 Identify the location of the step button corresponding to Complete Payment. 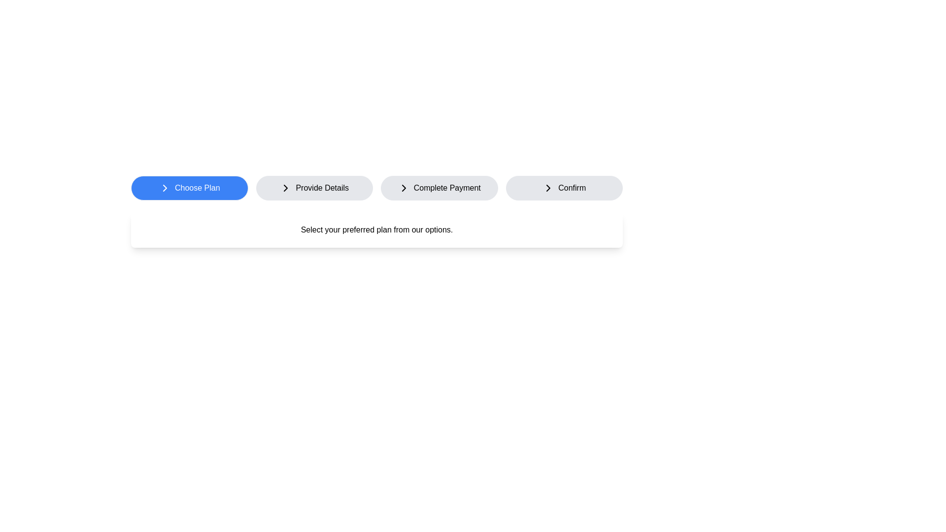
(439, 188).